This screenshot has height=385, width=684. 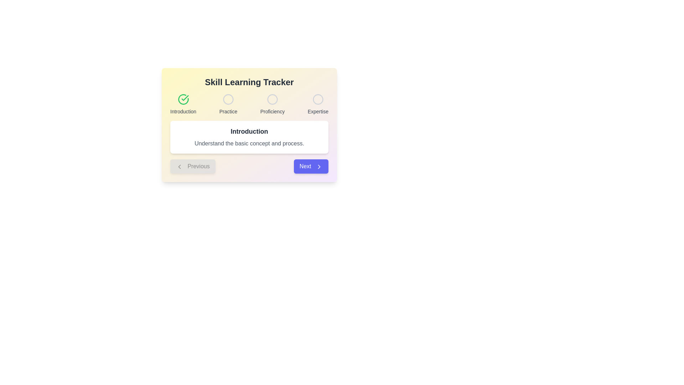 What do you see at coordinates (228, 99) in the screenshot?
I see `the second circular indicator in the Skill Learning Tracker, which represents the 'Practice' step in the sequence, to understand the progress within the tracker` at bounding box center [228, 99].